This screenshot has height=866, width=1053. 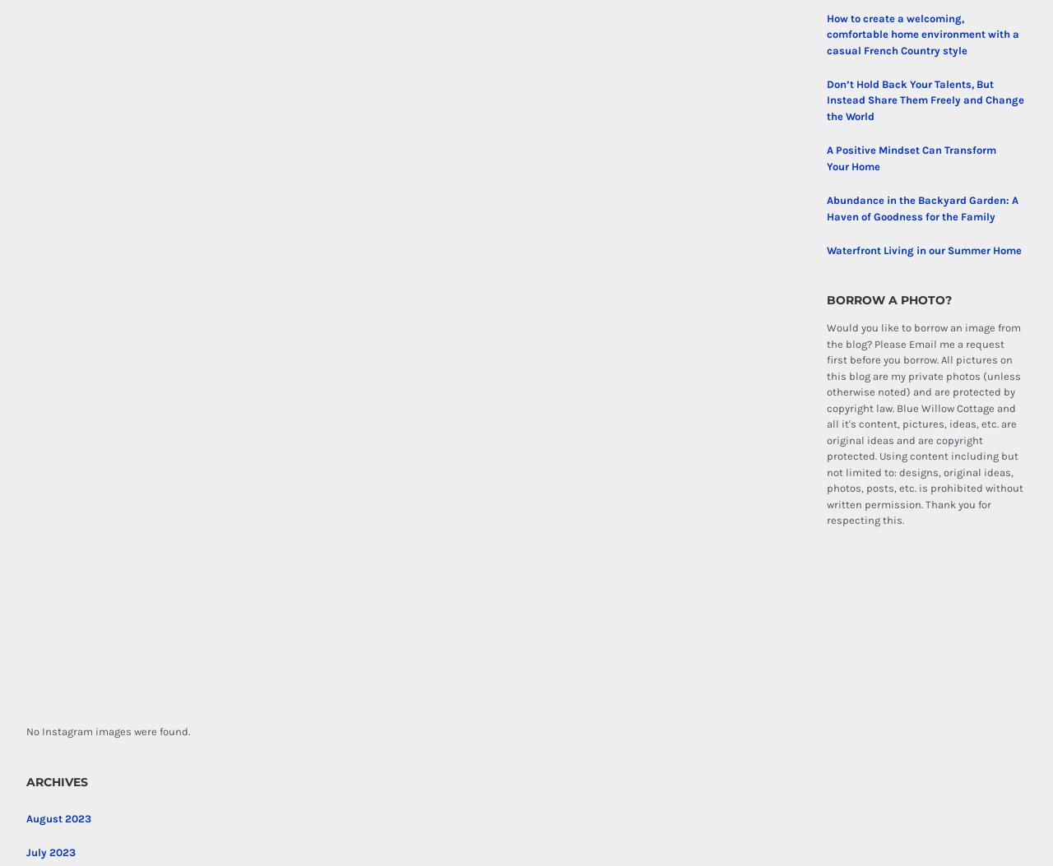 I want to click on 'Waterfront Living in our Summer Home', so click(x=923, y=249).